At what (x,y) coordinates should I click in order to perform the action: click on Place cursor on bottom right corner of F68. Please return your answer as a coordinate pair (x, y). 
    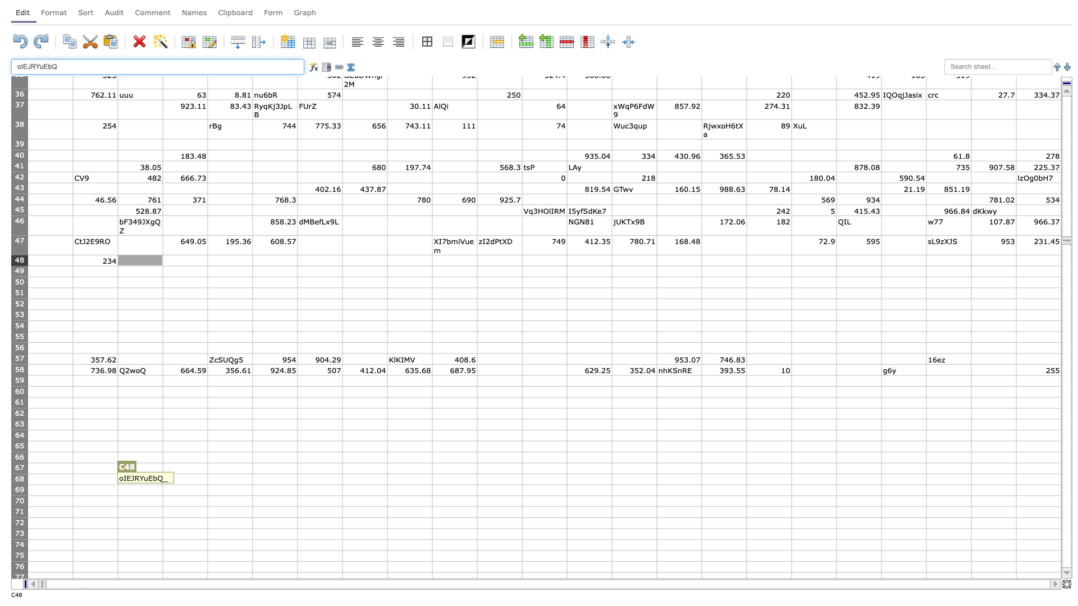
    Looking at the image, I should click on (297, 484).